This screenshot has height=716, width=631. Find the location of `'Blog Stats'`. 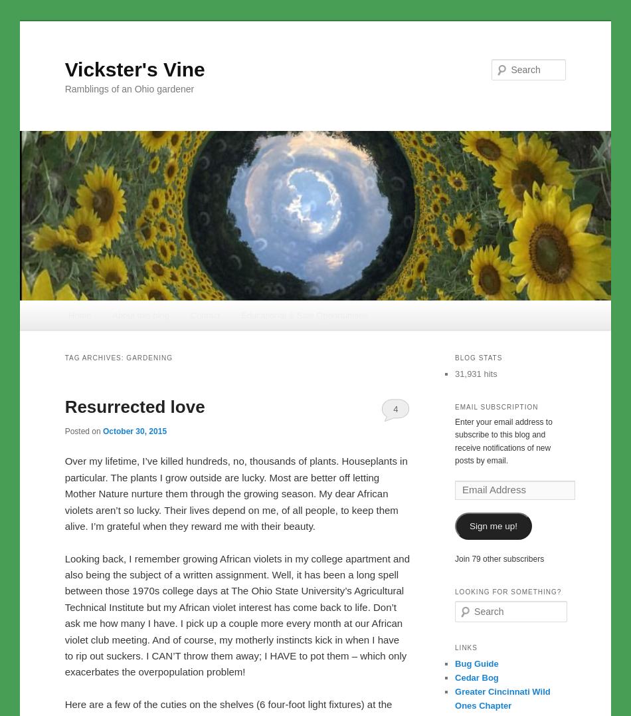

'Blog Stats' is located at coordinates (455, 357).